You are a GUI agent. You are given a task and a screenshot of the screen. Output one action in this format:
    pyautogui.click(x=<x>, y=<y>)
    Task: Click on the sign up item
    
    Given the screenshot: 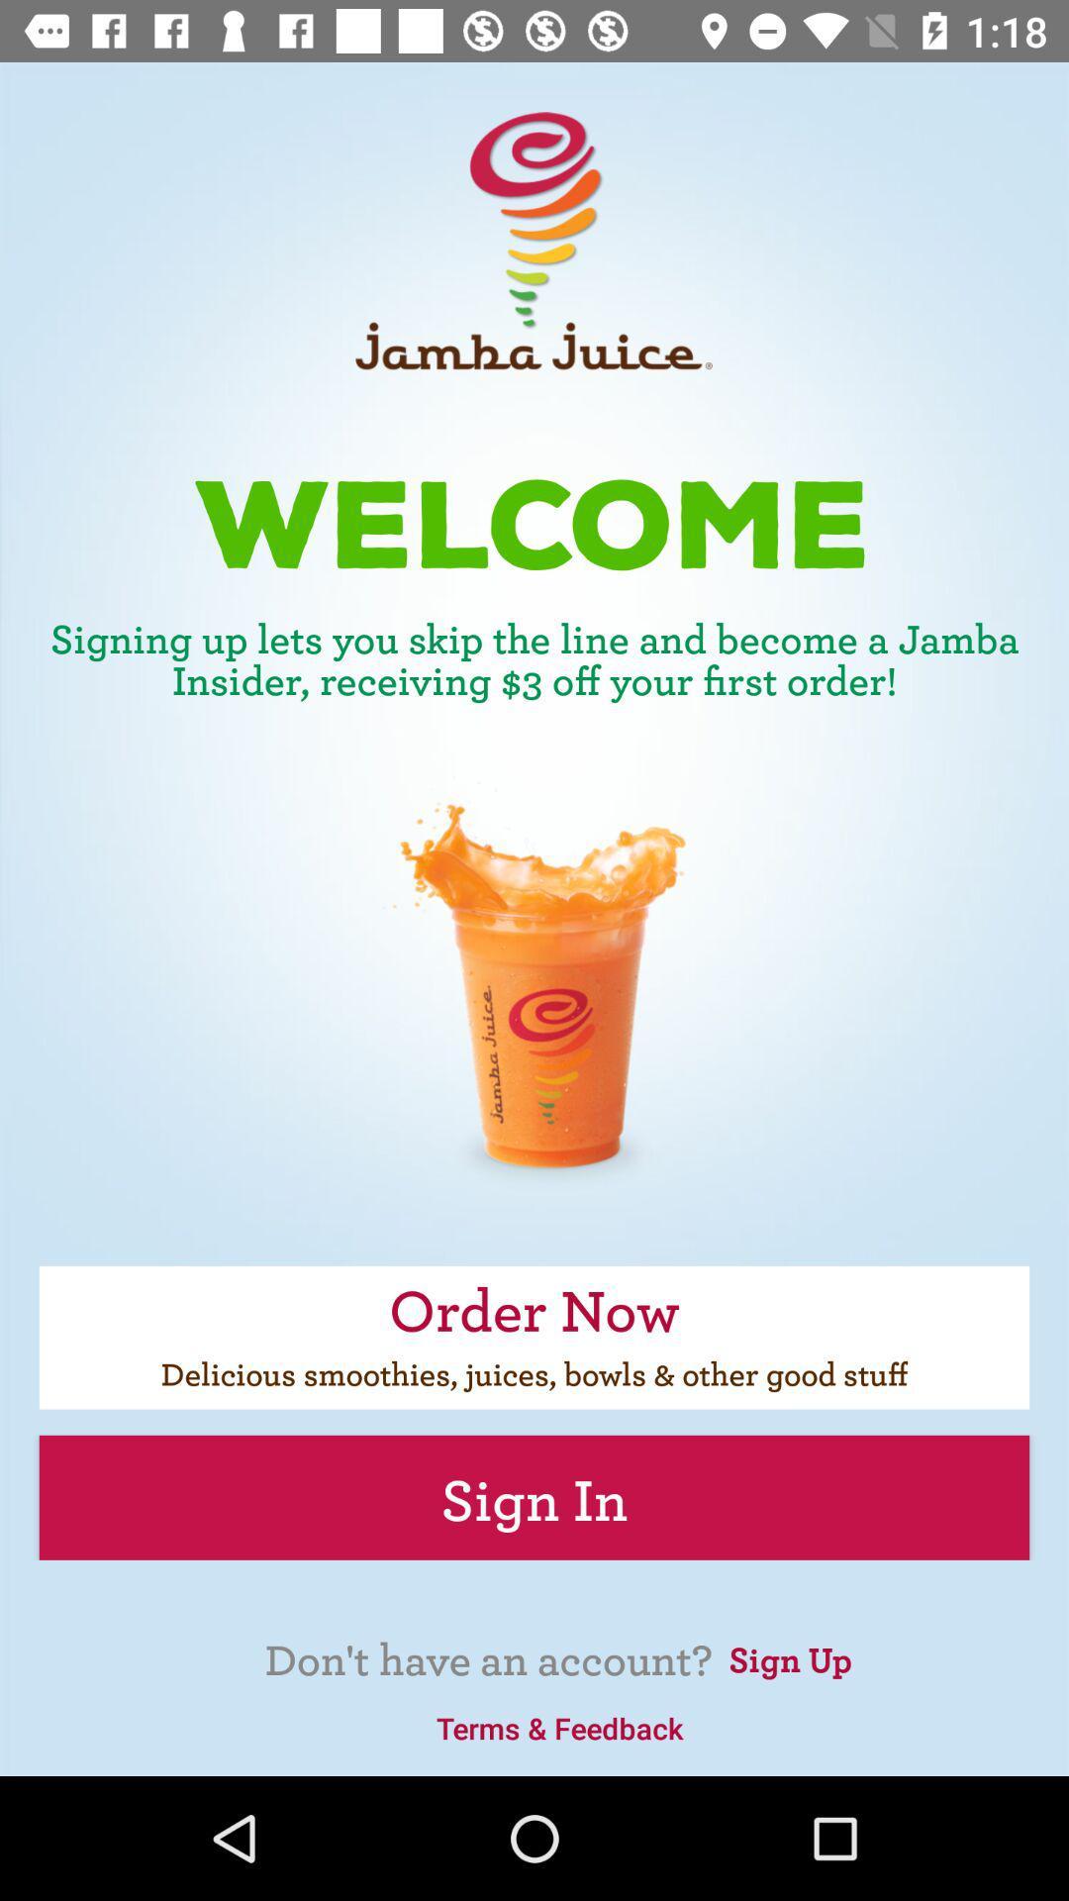 What is the action you would take?
    pyautogui.click(x=789, y=1656)
    